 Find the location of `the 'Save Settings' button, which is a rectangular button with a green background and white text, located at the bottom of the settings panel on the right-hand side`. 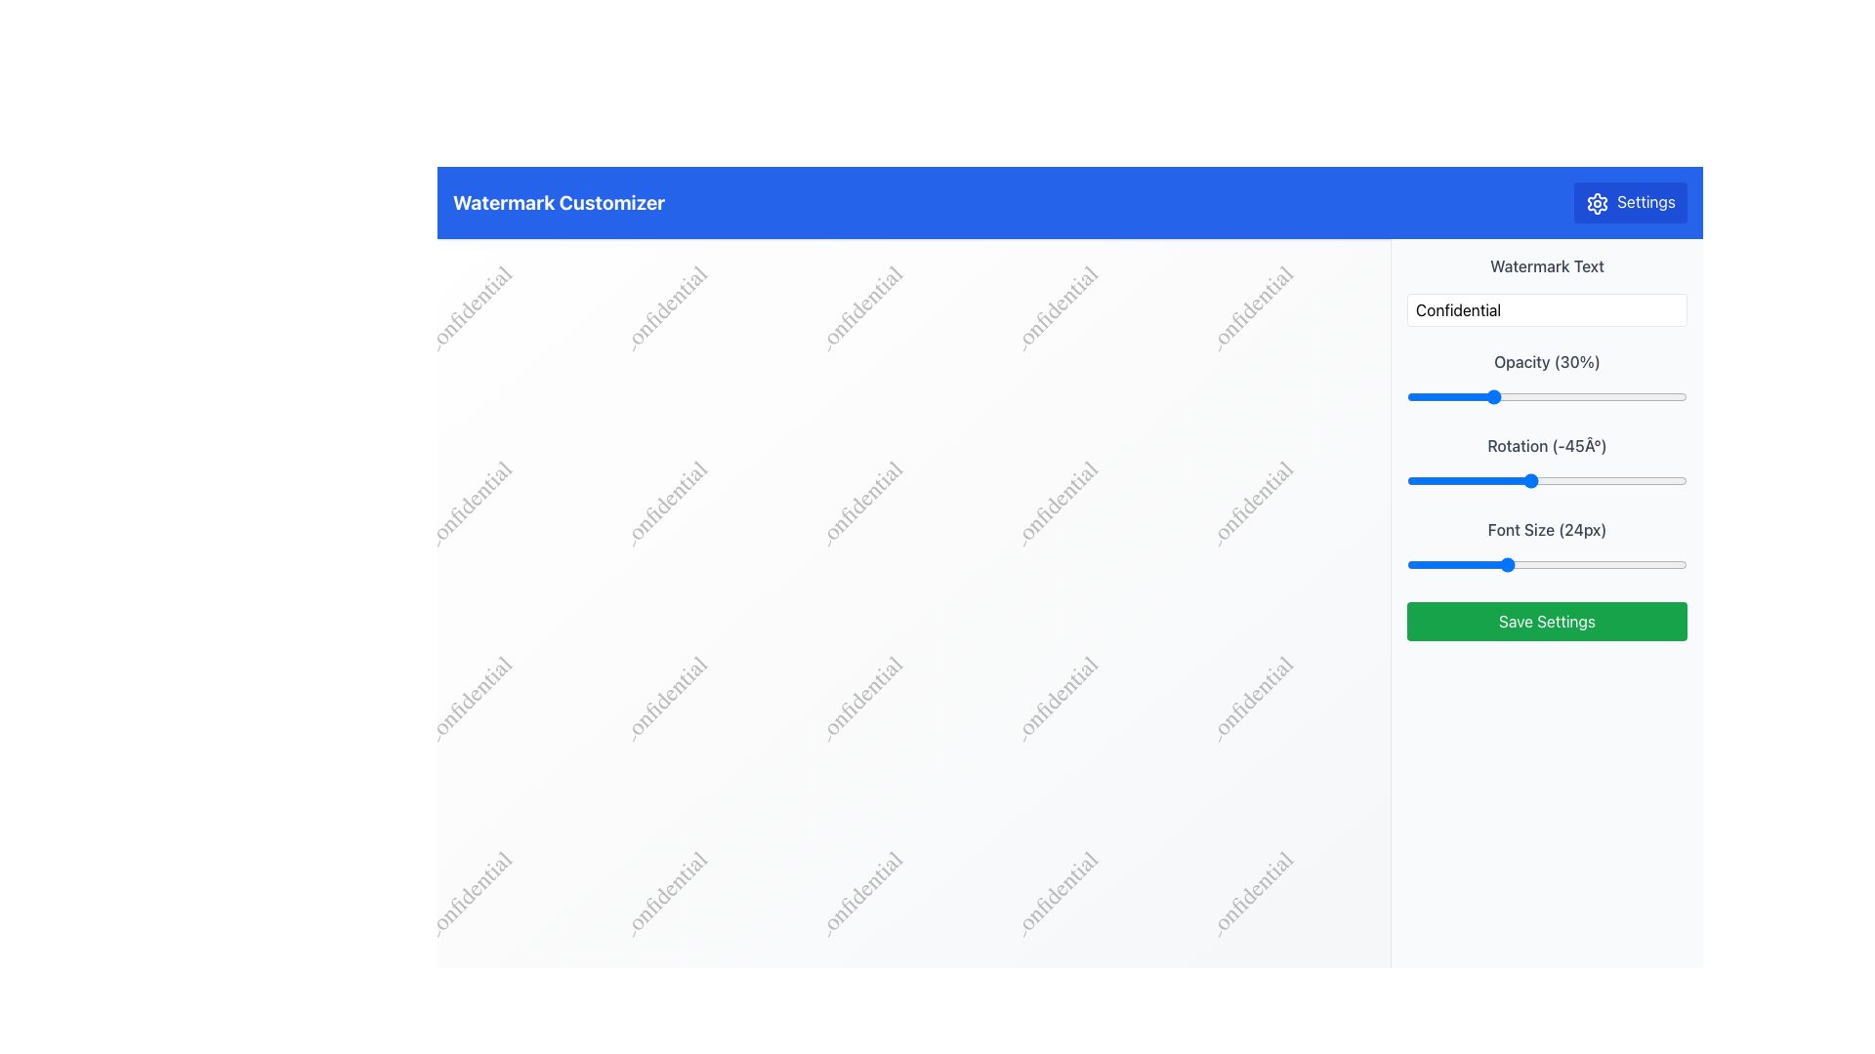

the 'Save Settings' button, which is a rectangular button with a green background and white text, located at the bottom of the settings panel on the right-hand side is located at coordinates (1546, 621).